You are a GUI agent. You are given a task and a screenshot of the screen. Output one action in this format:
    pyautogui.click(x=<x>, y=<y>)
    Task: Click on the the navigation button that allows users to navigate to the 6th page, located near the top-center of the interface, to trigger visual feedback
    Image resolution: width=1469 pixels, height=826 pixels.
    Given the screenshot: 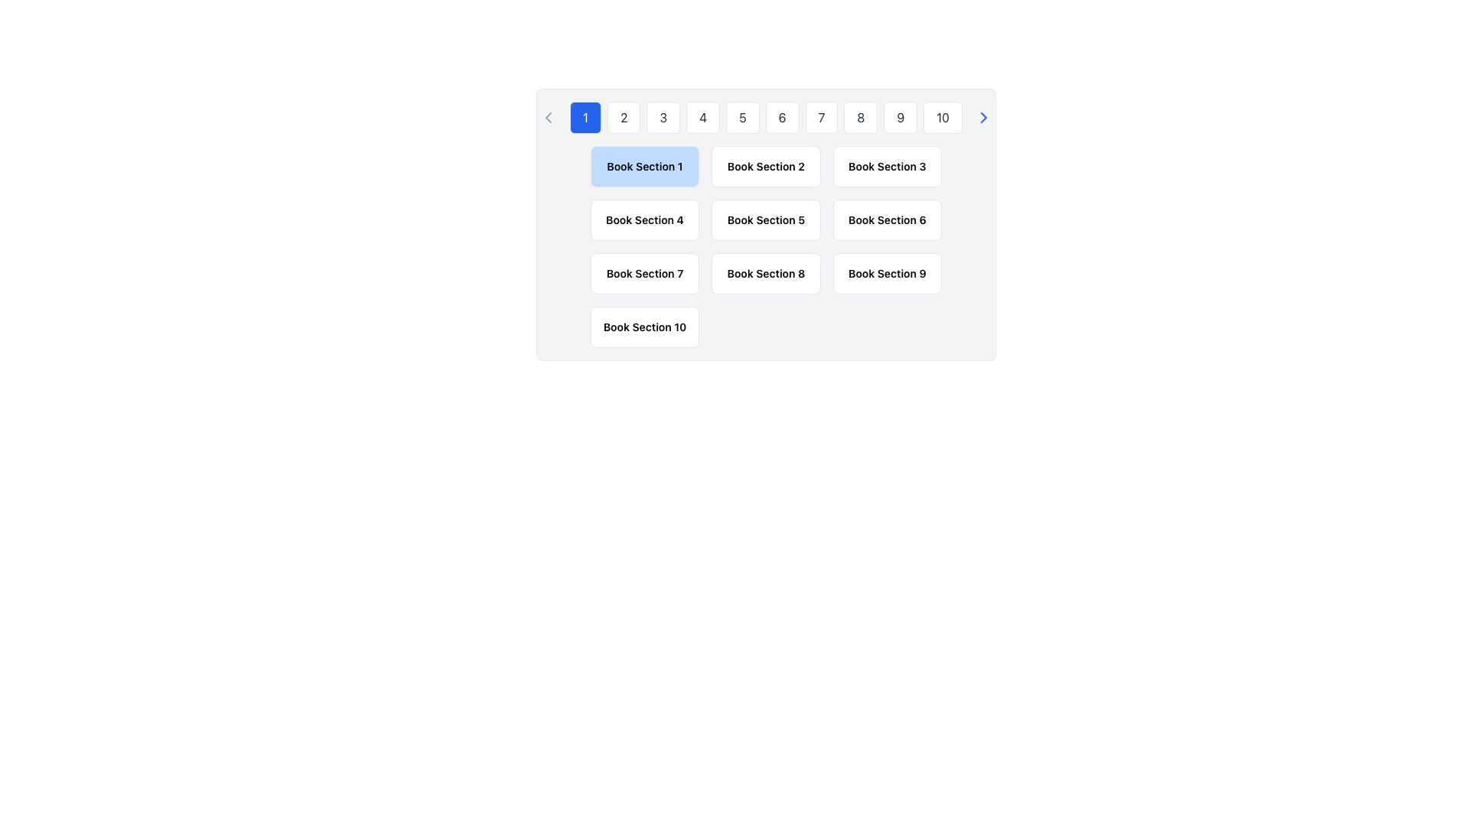 What is the action you would take?
    pyautogui.click(x=782, y=117)
    